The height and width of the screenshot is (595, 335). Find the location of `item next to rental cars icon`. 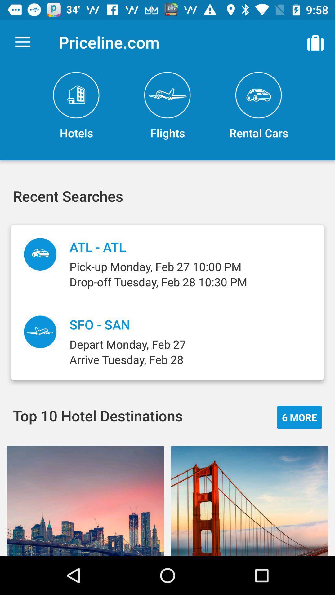

item next to rental cars icon is located at coordinates (167, 106).